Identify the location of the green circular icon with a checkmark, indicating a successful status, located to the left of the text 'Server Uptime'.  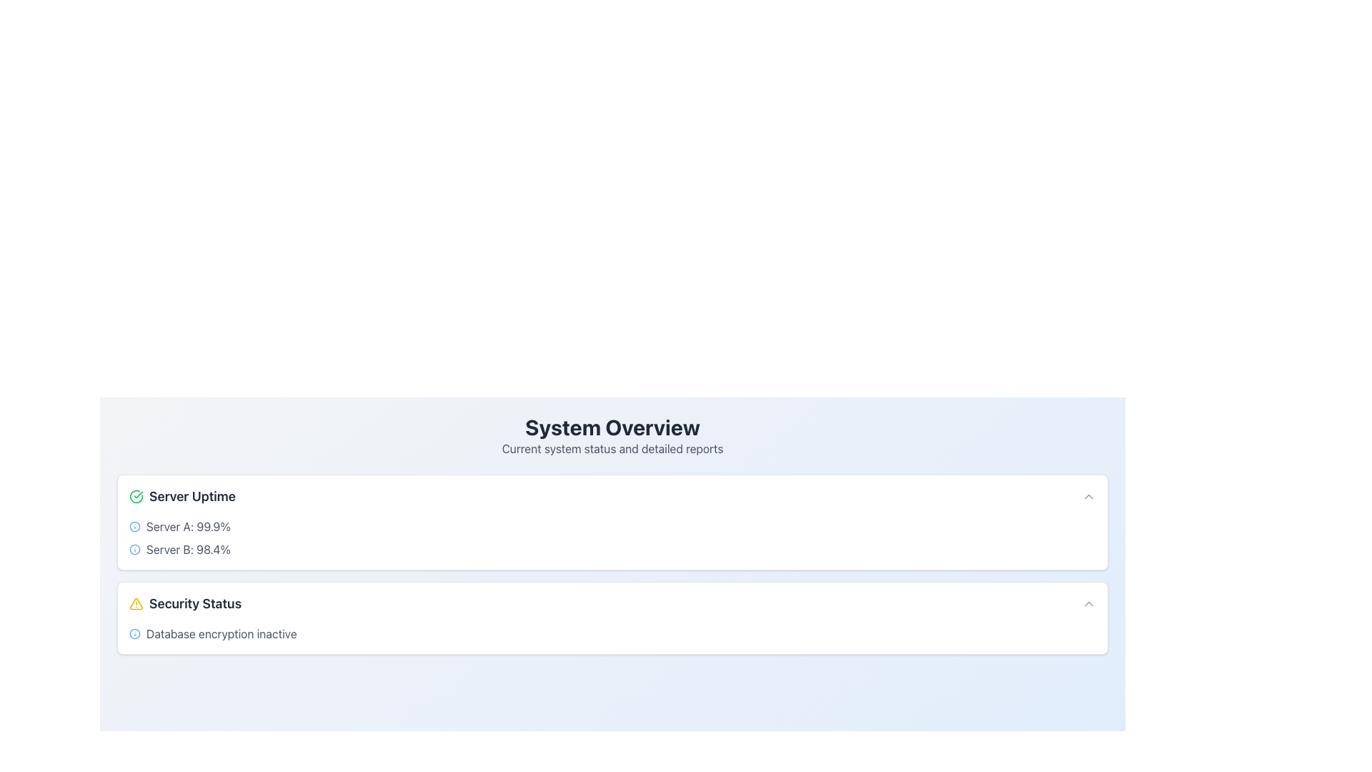
(136, 495).